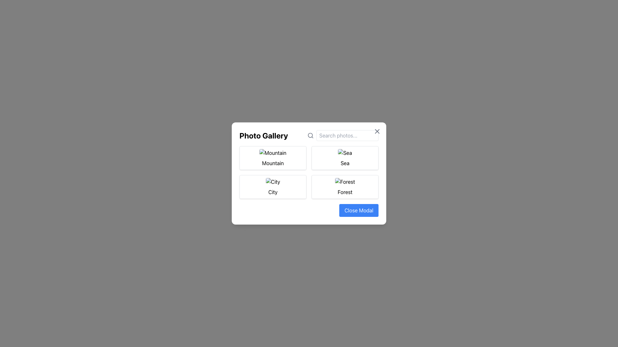  What do you see at coordinates (273, 191) in the screenshot?
I see `the text label displaying the word 'City' located below the image thumbnail in the 'Photo Gallery' dialog box` at bounding box center [273, 191].